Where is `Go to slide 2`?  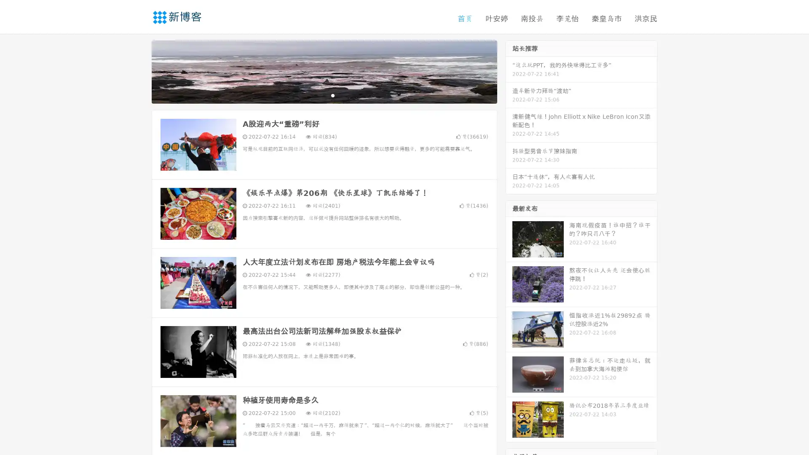 Go to slide 2 is located at coordinates (324, 95).